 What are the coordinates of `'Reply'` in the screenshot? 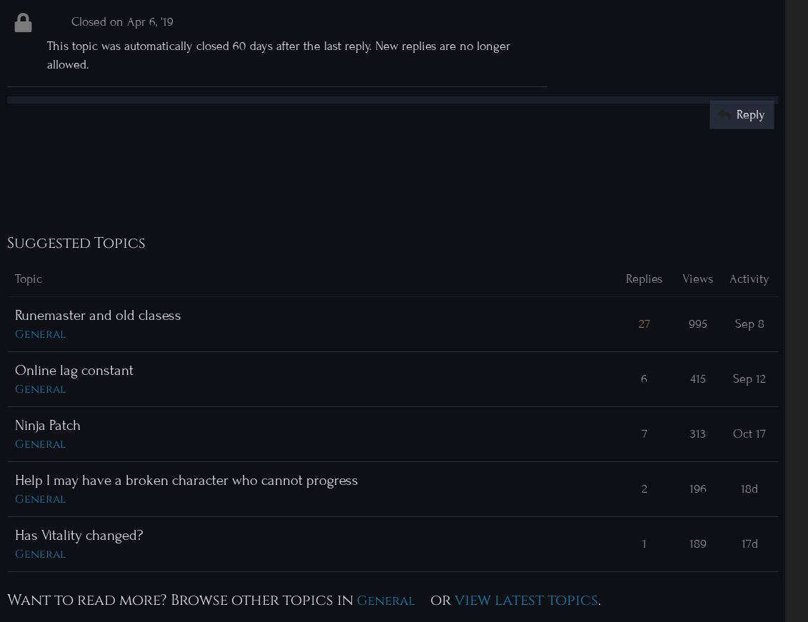 It's located at (749, 114).